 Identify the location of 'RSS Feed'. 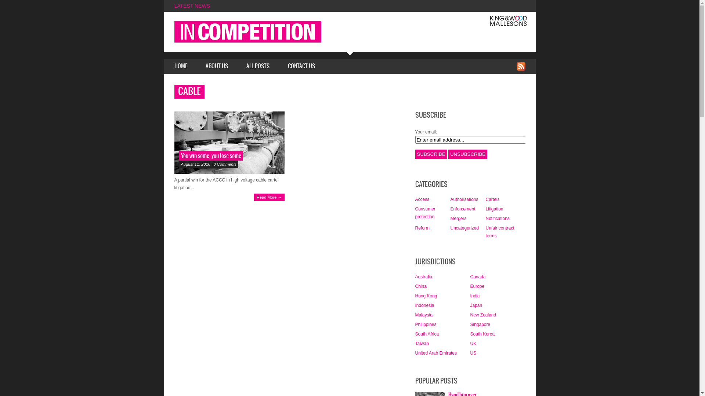
(520, 66).